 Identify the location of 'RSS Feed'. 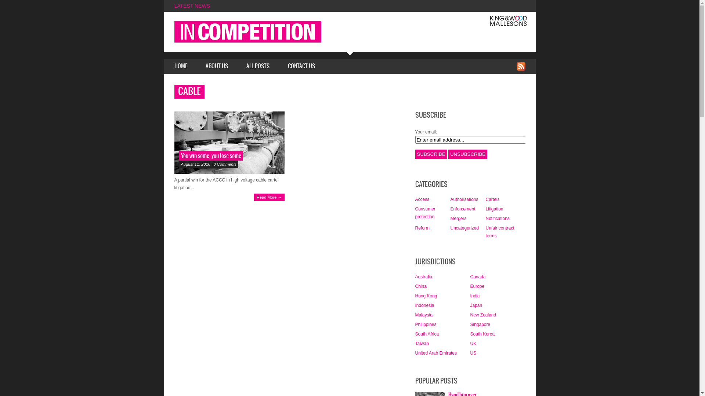
(520, 66).